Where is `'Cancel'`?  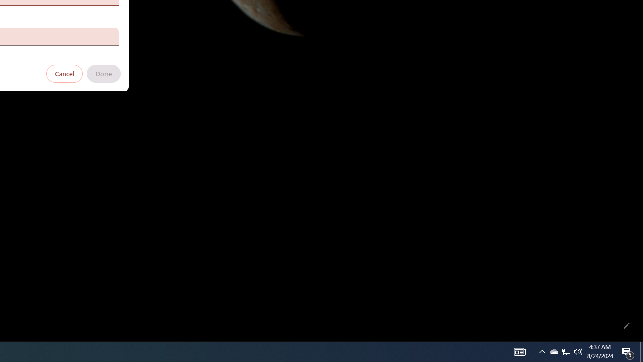
'Cancel' is located at coordinates (64, 73).